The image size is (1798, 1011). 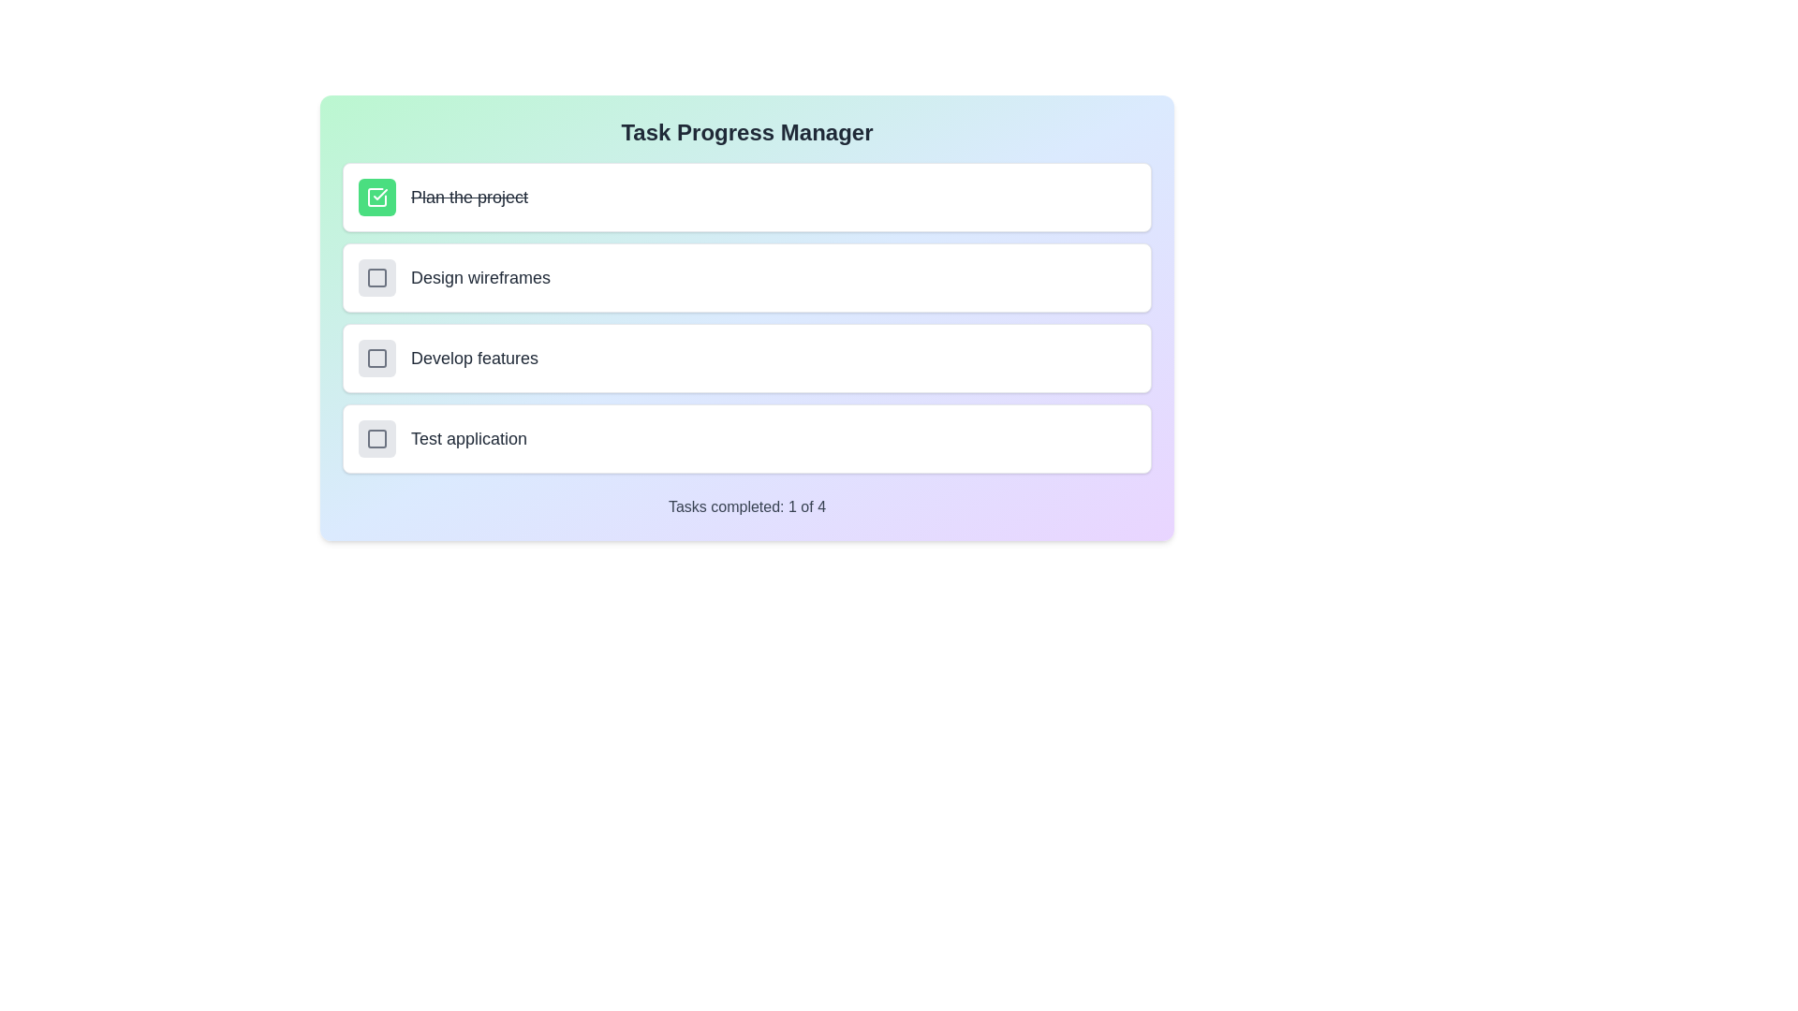 I want to click on the text label 'Develop features' in the task list, which is the third item below 'Design wireframes' and above 'Test application', so click(x=475, y=358).